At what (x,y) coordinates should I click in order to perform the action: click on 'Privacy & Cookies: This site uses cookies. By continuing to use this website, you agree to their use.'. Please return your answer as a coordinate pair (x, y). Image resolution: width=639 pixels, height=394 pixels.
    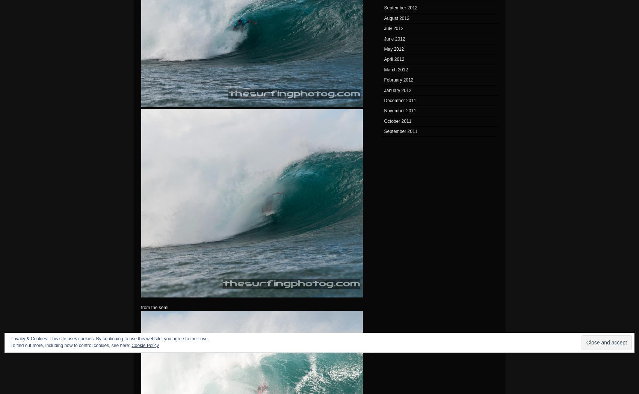
    Looking at the image, I should click on (110, 338).